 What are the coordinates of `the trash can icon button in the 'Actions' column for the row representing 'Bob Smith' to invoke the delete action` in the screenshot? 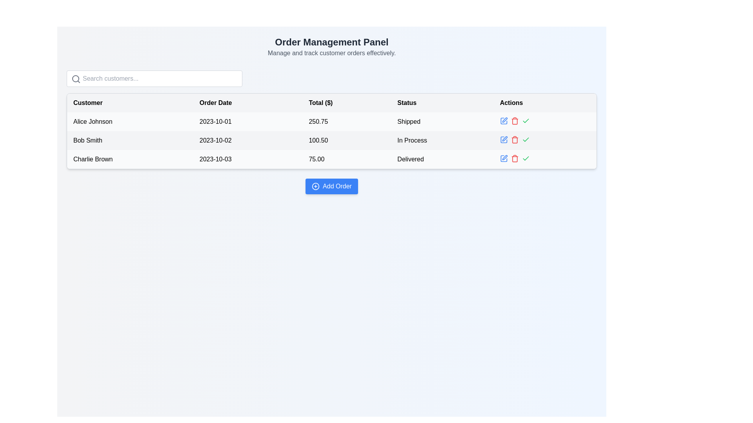 It's located at (515, 140).